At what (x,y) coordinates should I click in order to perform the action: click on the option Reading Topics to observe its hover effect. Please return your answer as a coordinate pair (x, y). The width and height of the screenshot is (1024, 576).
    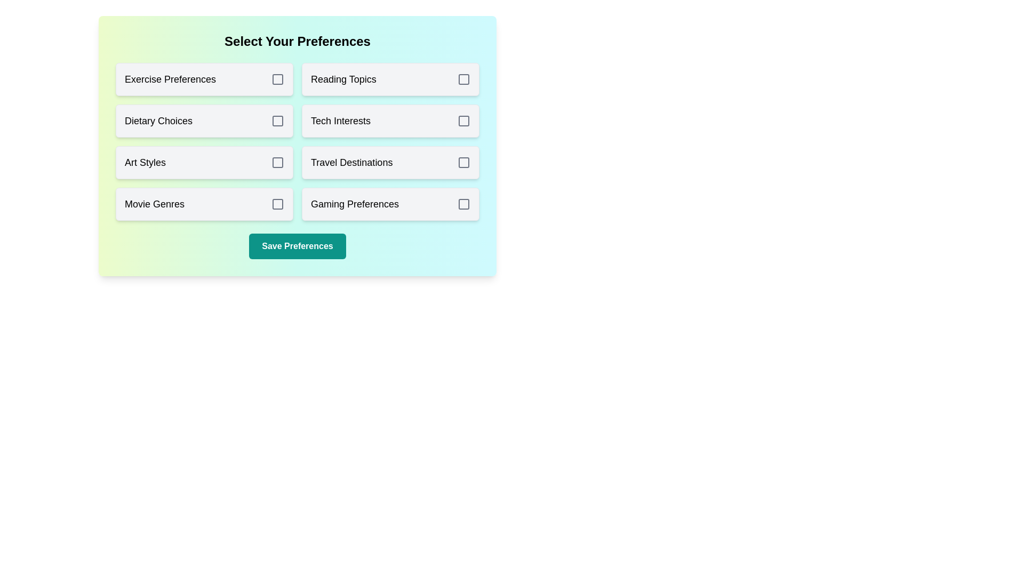
    Looking at the image, I should click on (390, 79).